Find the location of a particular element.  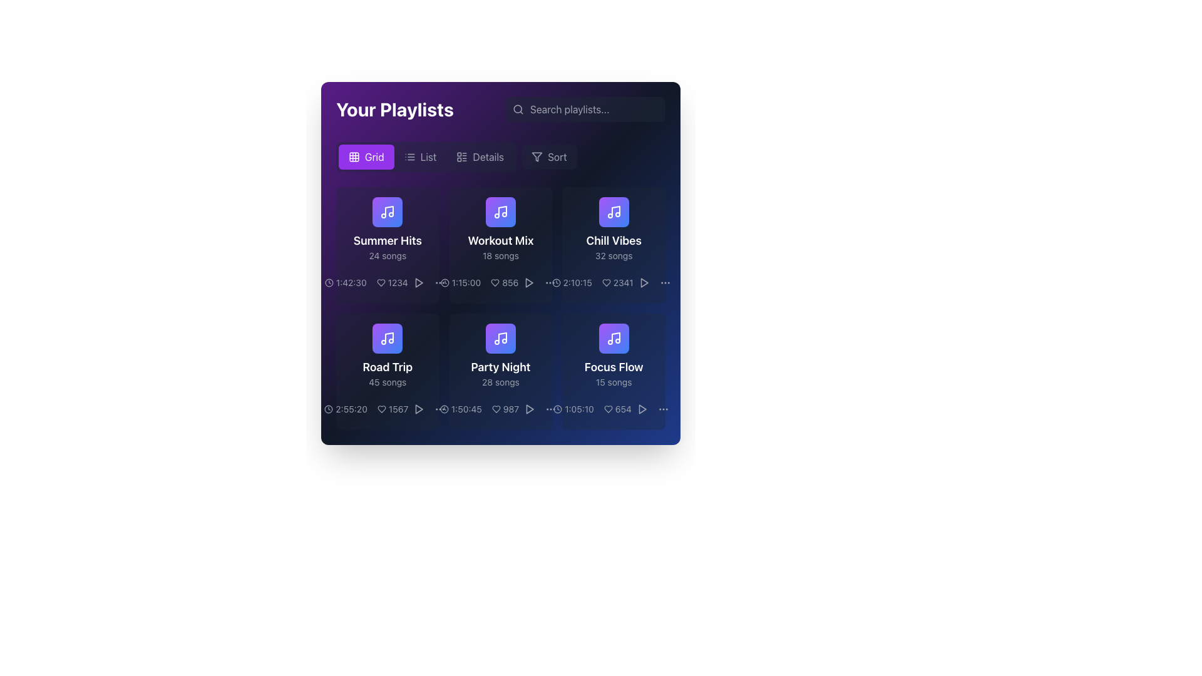

on the 'Summer Hits' Playlist Card located in the first column of the grid, under the header 'Your Playlists' is located at coordinates (387, 245).